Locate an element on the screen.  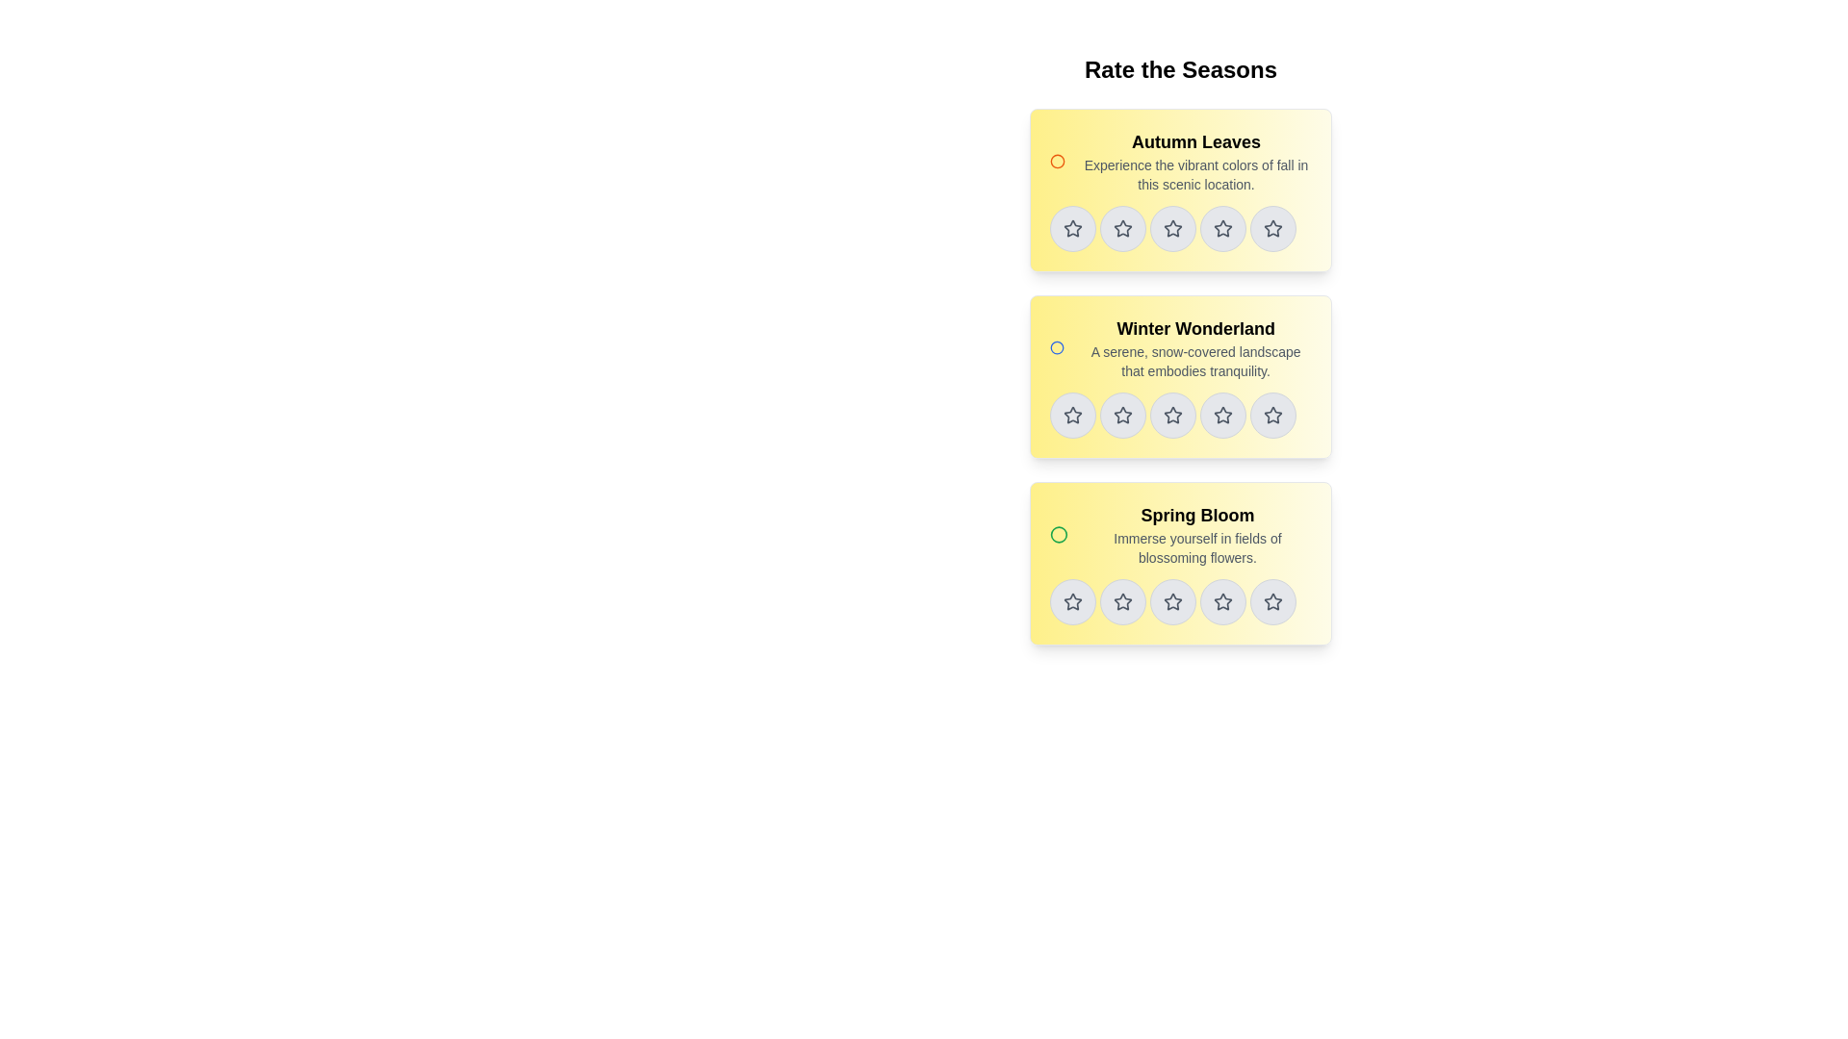
the text block titled 'Autumn Leaves' which features a bold title and a descriptive subtitle about fall colors is located at coordinates (1195, 161).